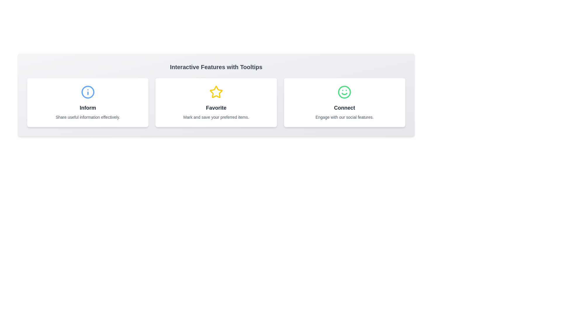 The width and height of the screenshot is (561, 315). I want to click on the text element that reads 'Mark and save your preferred items.' located at the bottom of the 'Favorite' card, so click(216, 117).